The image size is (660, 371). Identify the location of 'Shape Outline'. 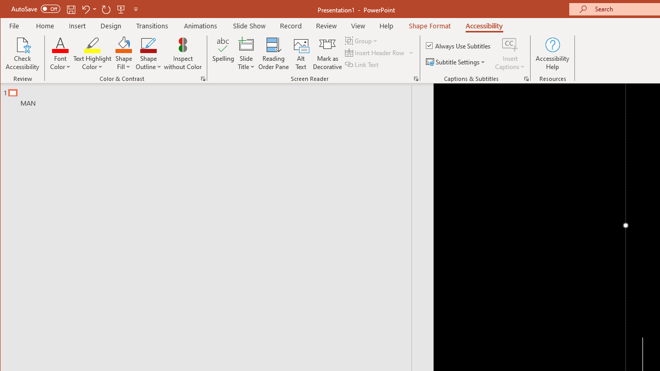
(148, 54).